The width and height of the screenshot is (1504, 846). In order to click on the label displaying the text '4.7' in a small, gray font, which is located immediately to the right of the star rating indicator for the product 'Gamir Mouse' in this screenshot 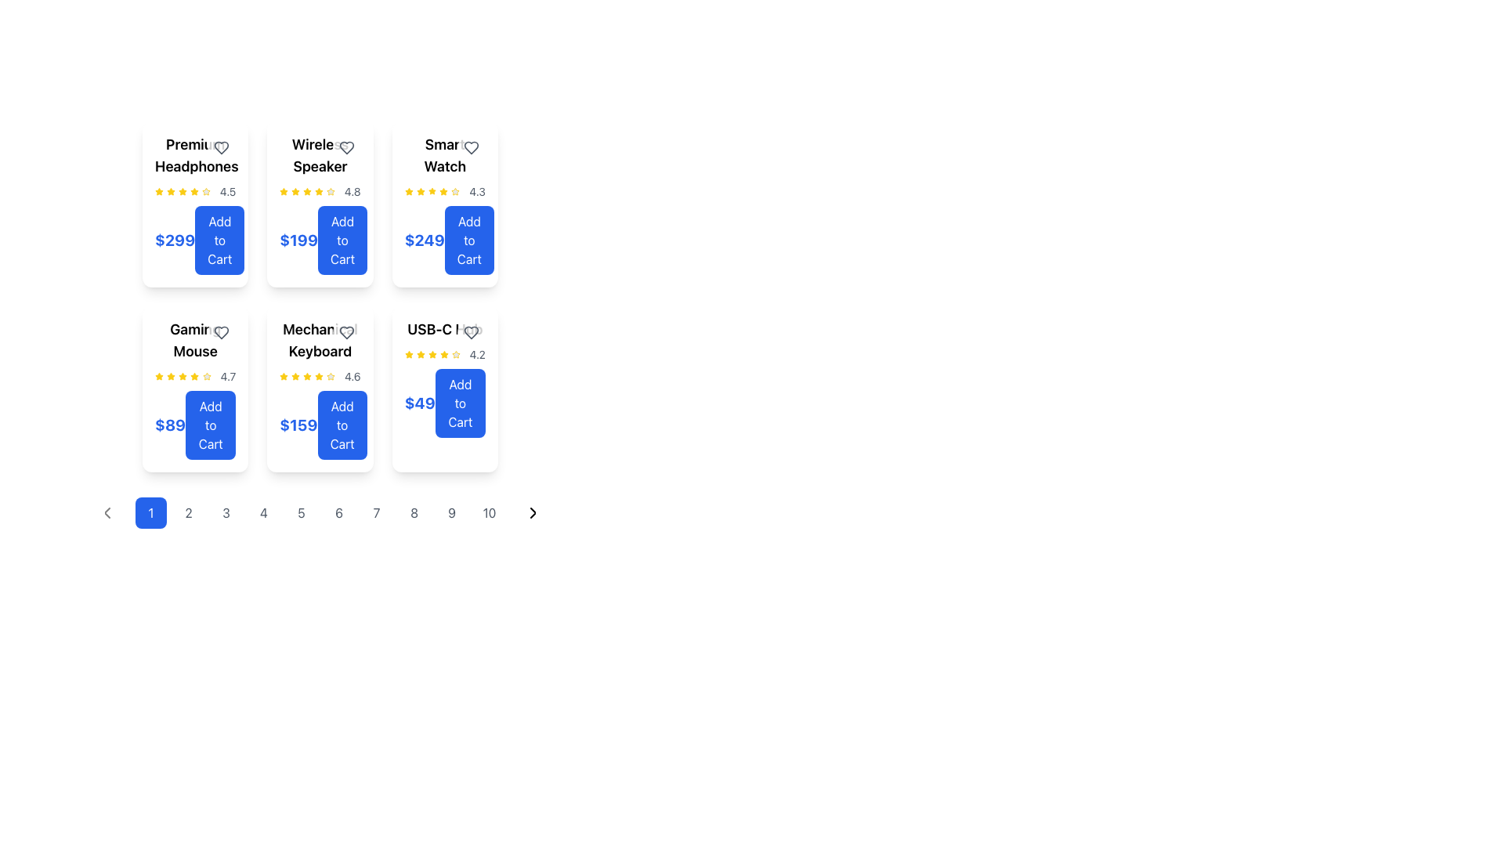, I will do `click(227, 377)`.